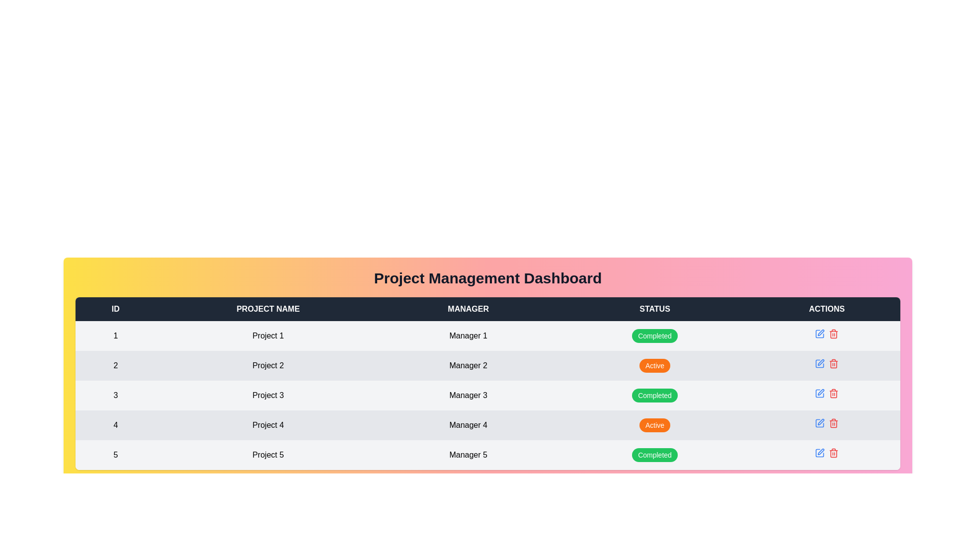  What do you see at coordinates (834, 393) in the screenshot?
I see `the red trash bin icon button located in the 'Actions' column of the third row in the project table for accessibility purposes` at bounding box center [834, 393].